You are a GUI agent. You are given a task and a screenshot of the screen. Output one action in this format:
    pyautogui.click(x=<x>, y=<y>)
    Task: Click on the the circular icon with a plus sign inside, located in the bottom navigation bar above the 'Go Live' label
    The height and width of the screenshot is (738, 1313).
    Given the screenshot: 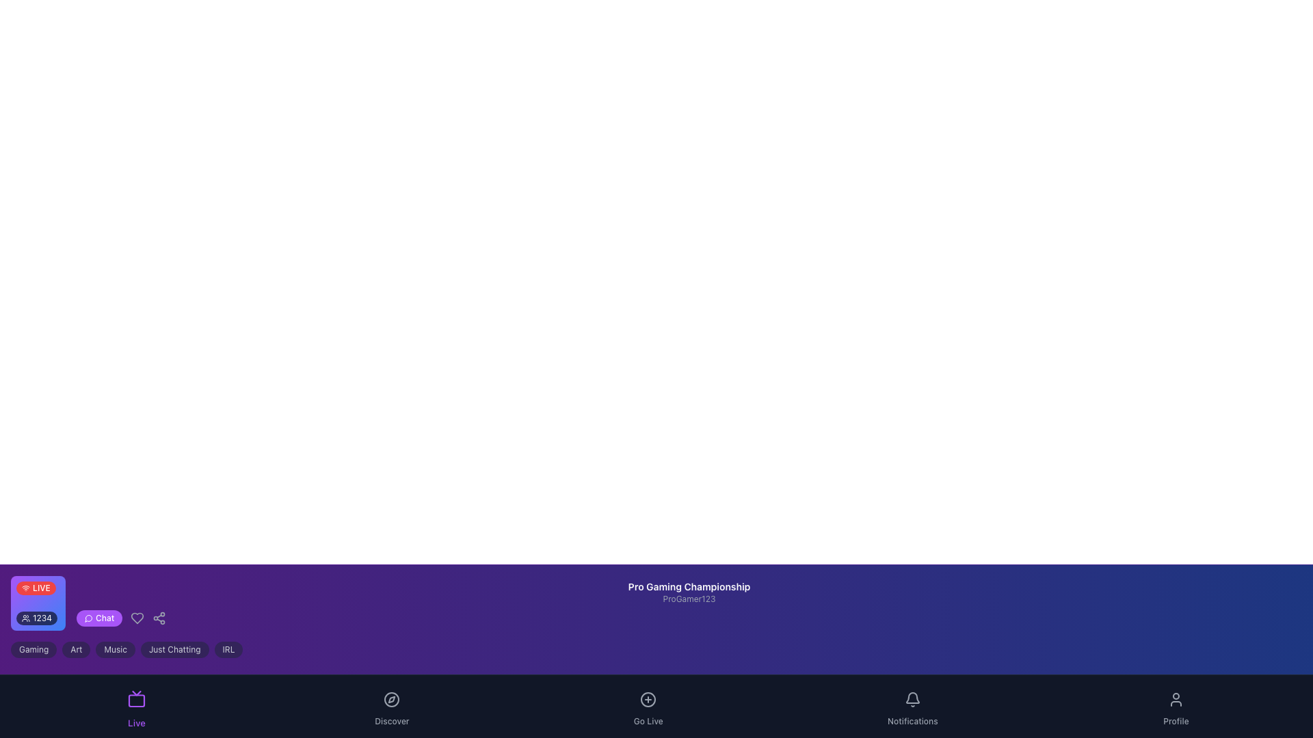 What is the action you would take?
    pyautogui.click(x=648, y=699)
    